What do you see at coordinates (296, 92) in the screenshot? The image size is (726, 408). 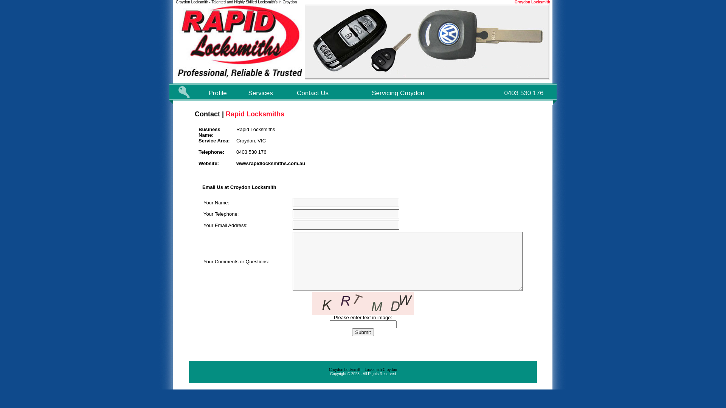 I see `'Contact Us'` at bounding box center [296, 92].